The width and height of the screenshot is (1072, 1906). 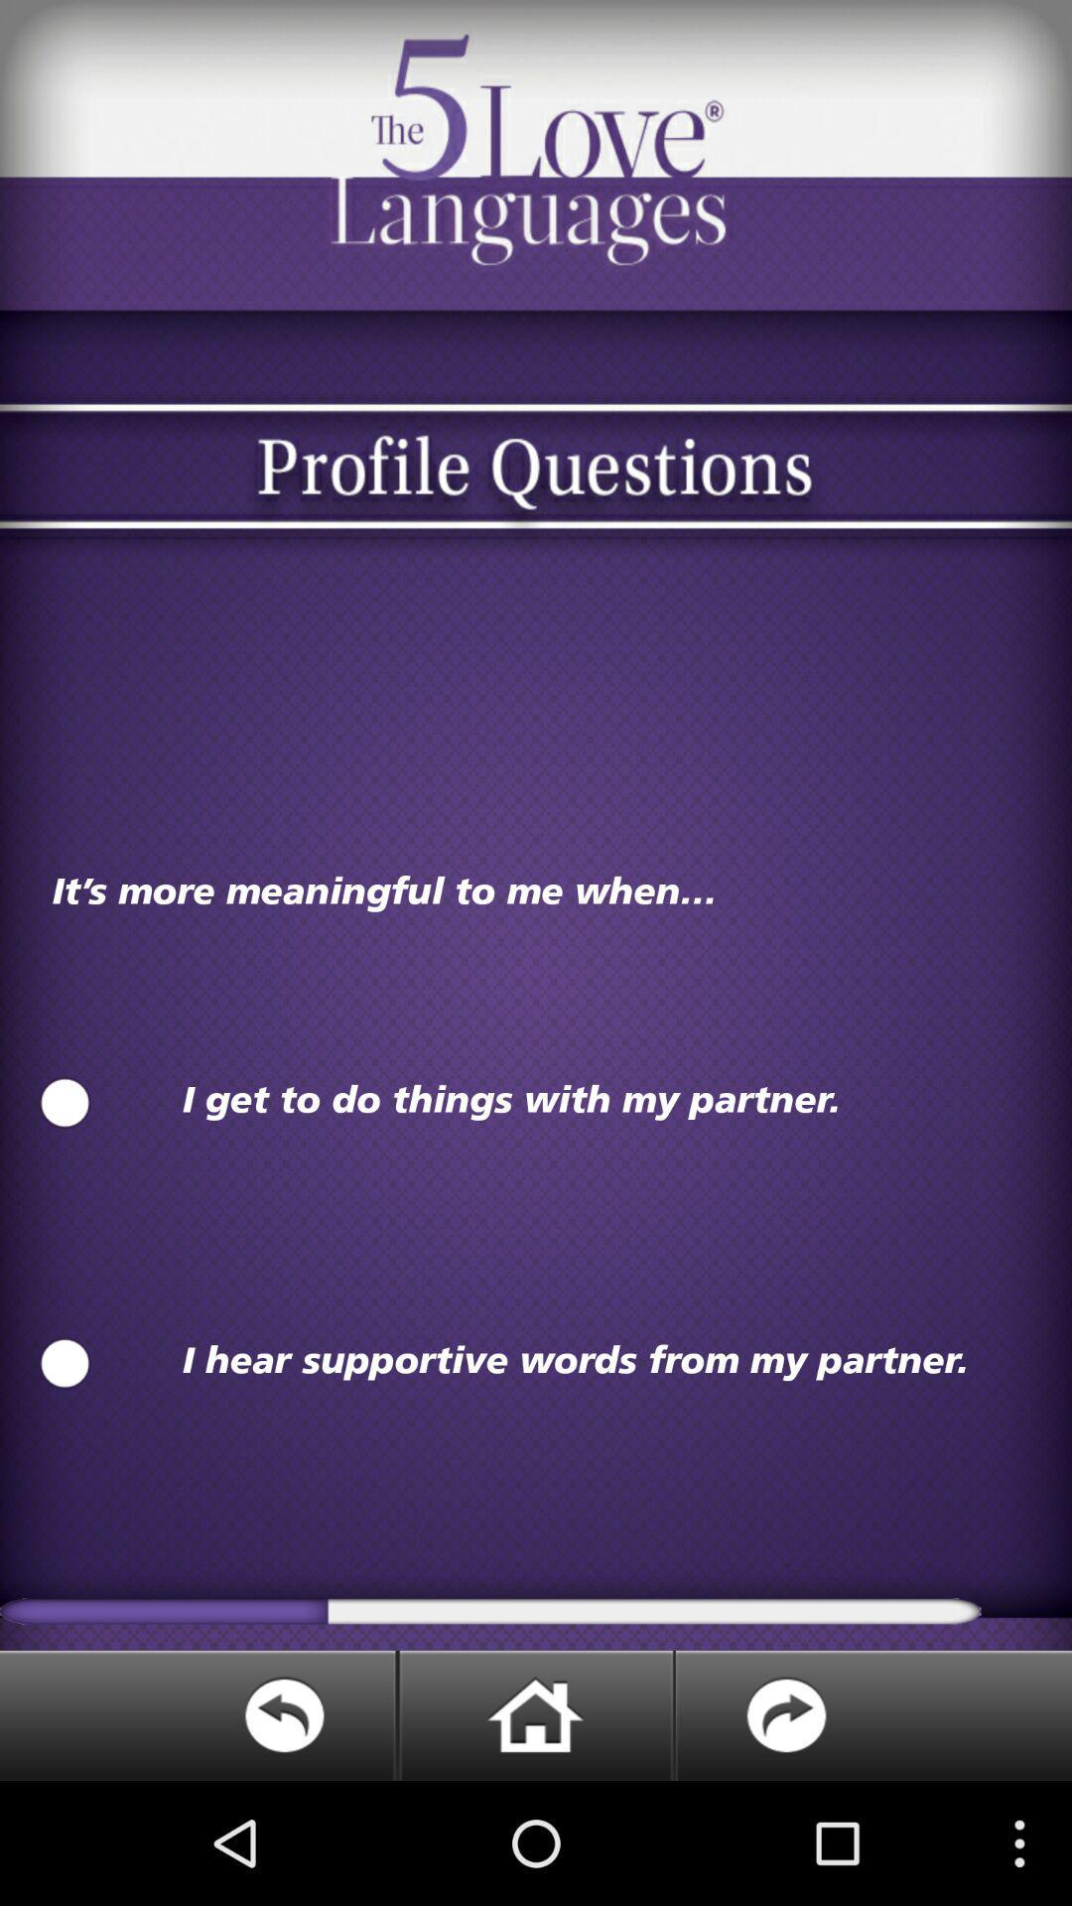 I want to click on on, so click(x=64, y=1362).